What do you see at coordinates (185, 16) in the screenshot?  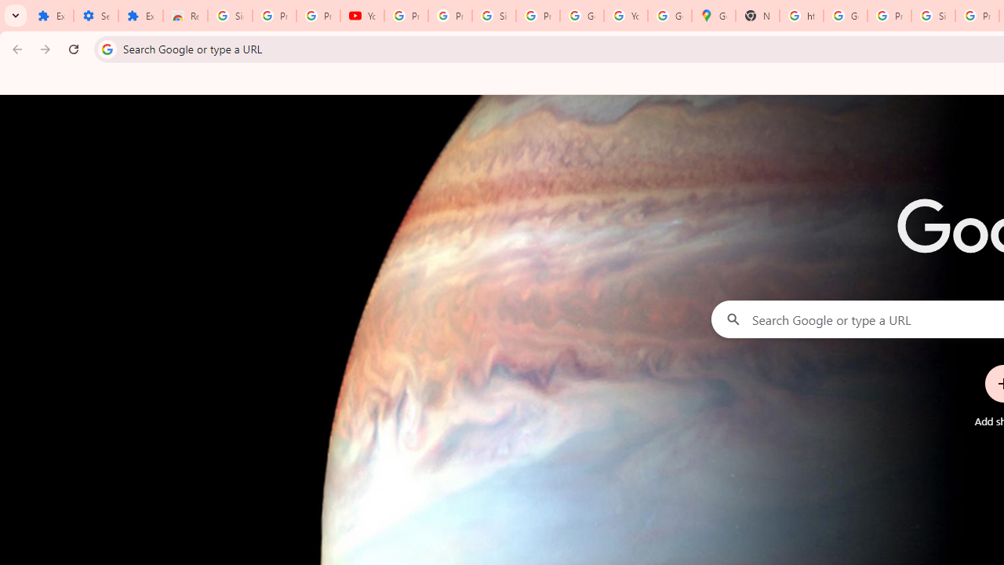 I see `'Reviews: Helix Fruit Jump Arcade Game'` at bounding box center [185, 16].